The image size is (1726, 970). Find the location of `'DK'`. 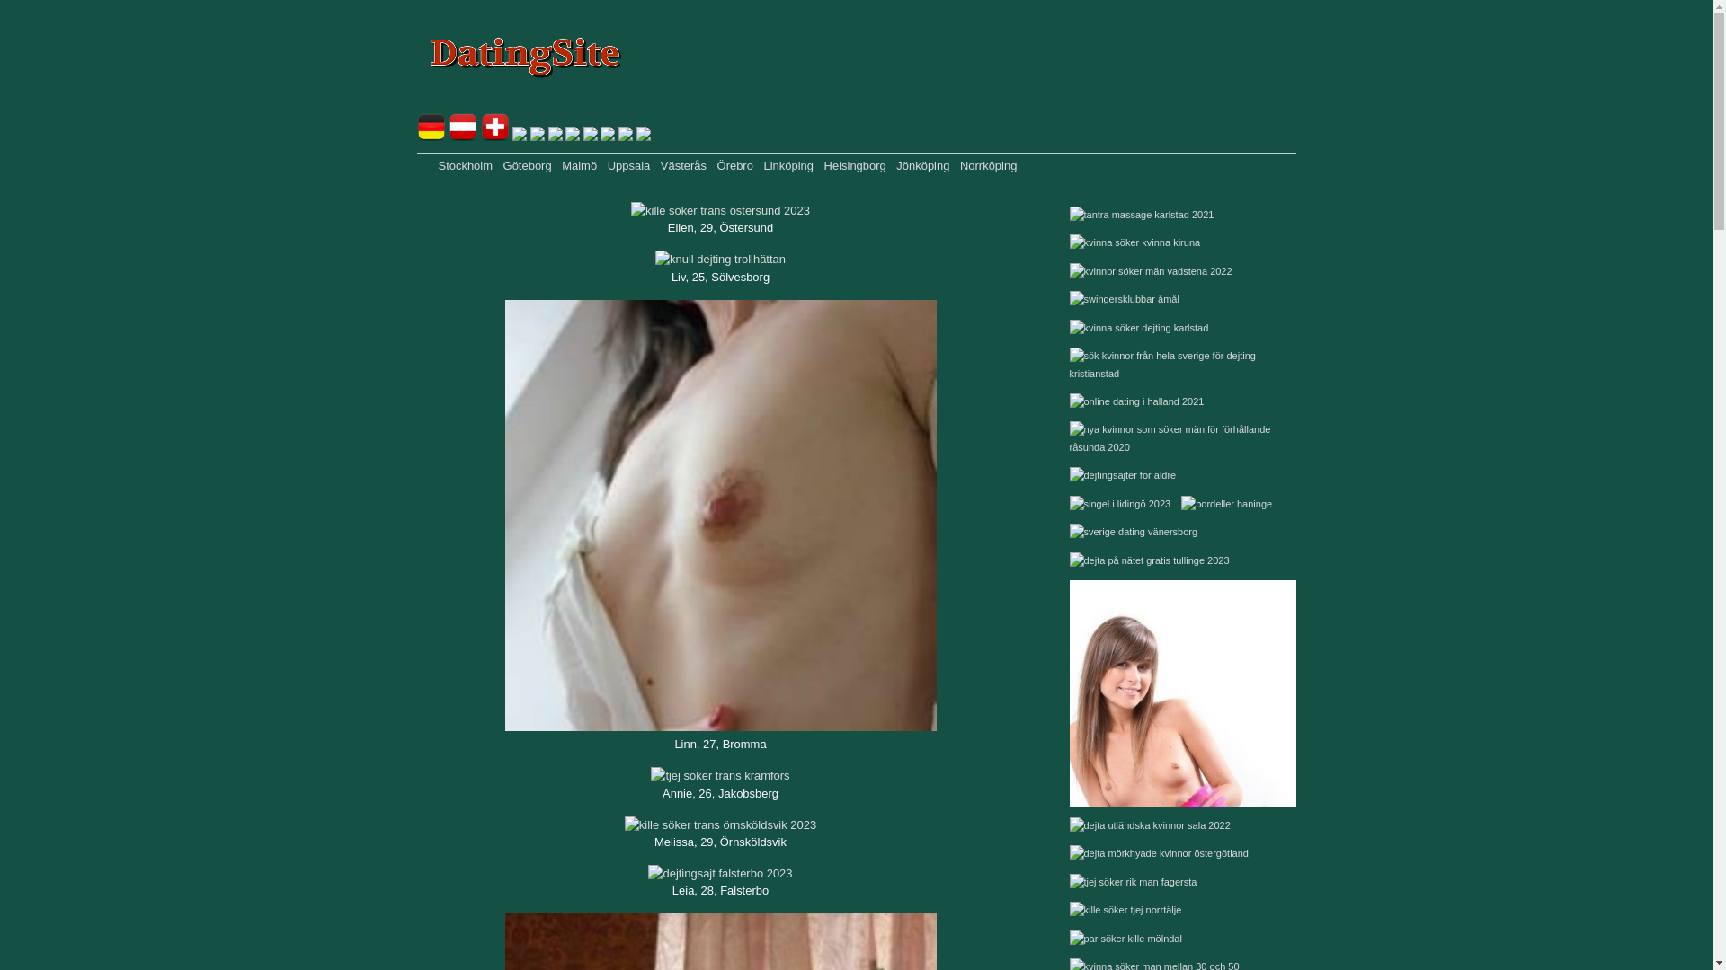

'DK' is located at coordinates (555, 136).